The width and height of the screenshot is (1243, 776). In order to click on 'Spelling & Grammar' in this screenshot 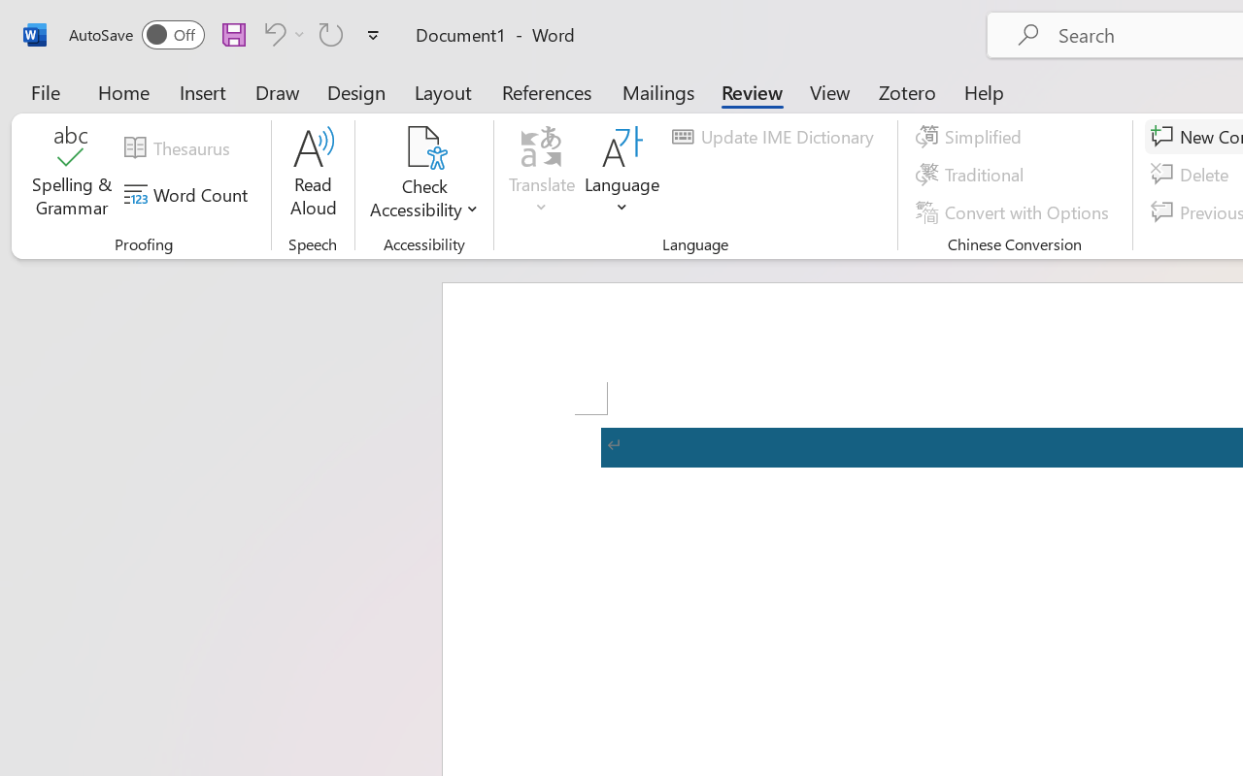, I will do `click(72, 174)`.